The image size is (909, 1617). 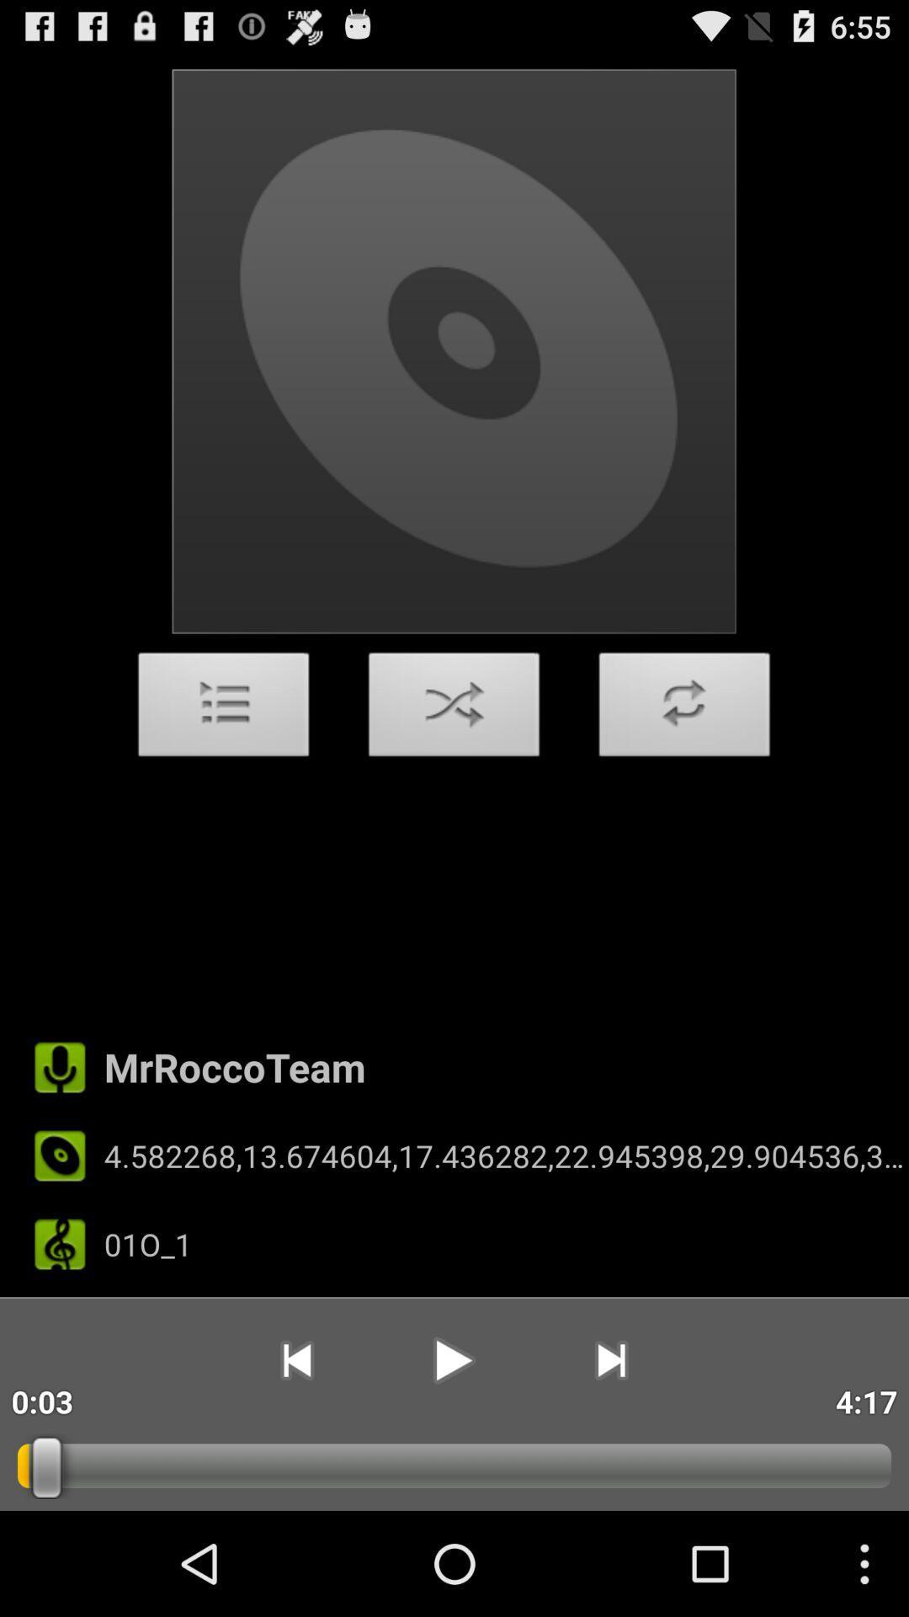 What do you see at coordinates (453, 1454) in the screenshot?
I see `the play icon` at bounding box center [453, 1454].